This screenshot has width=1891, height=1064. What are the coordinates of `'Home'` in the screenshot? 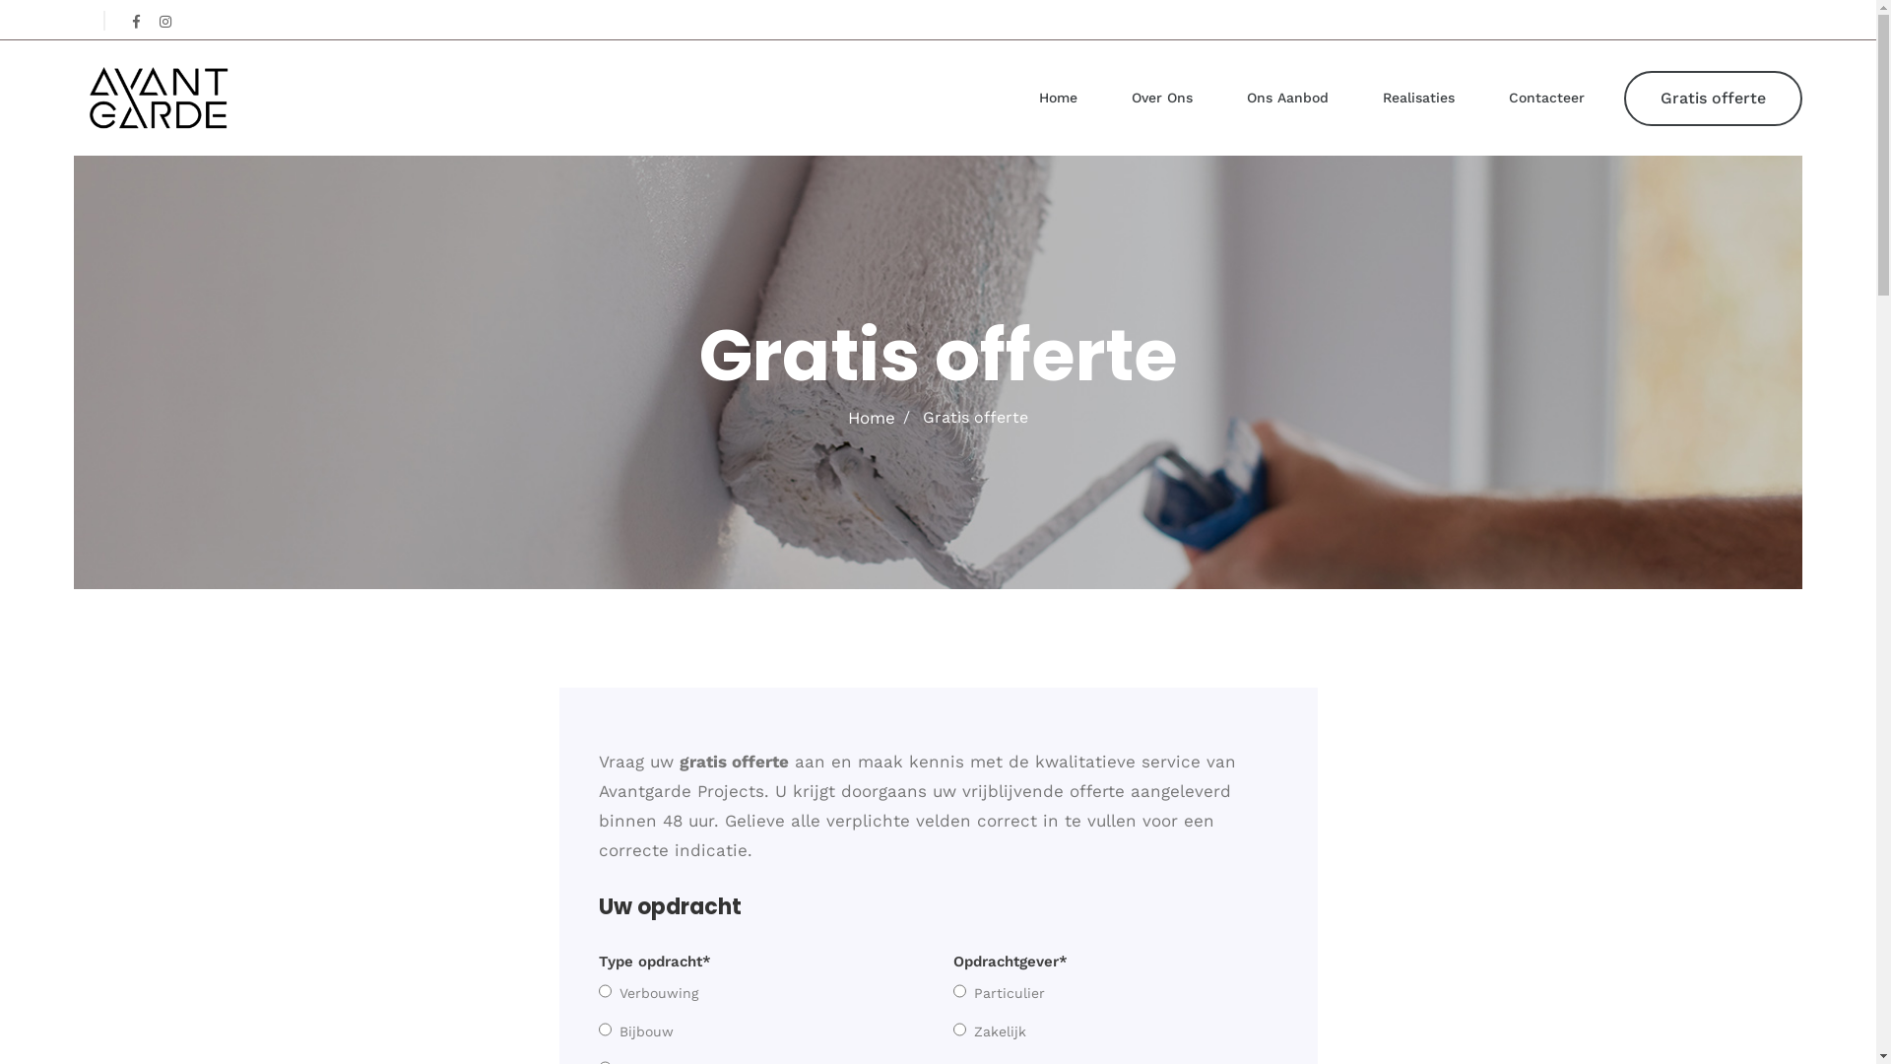 It's located at (870, 417).